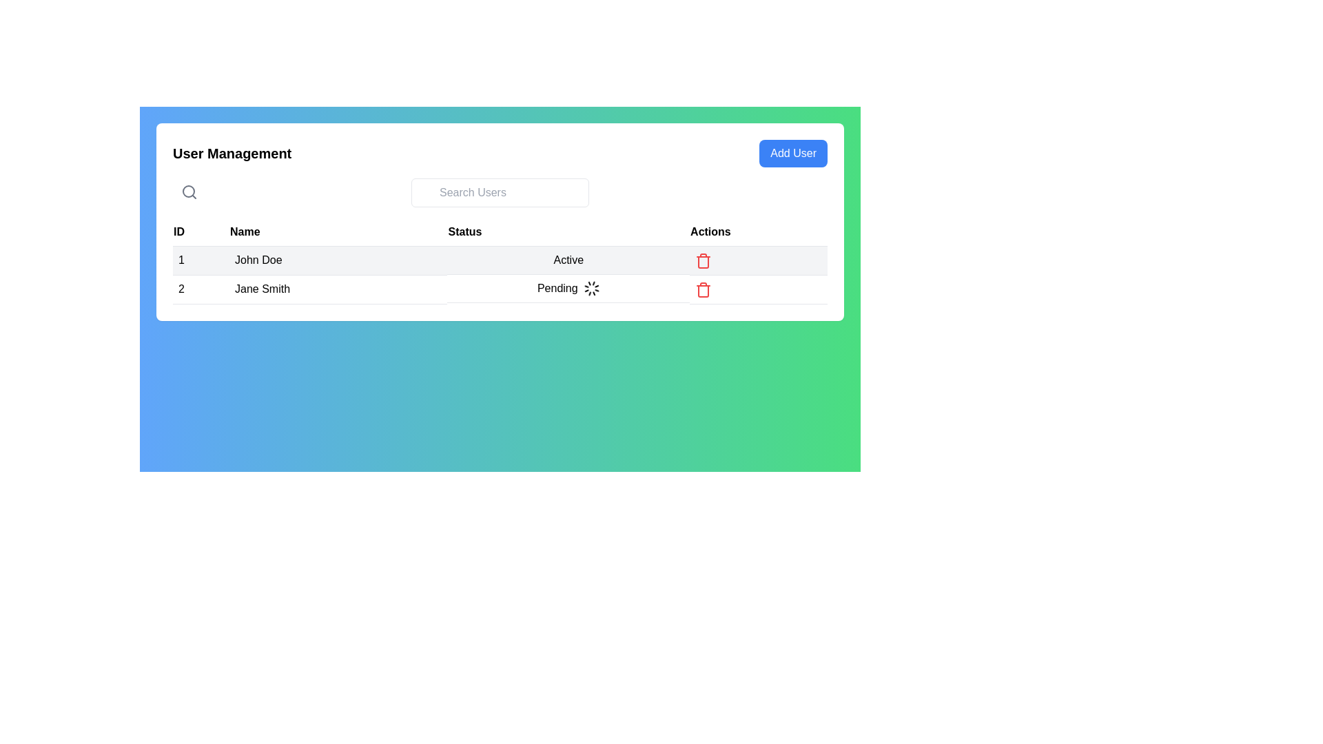 The height and width of the screenshot is (744, 1323). I want to click on the 'User Management' header, which is a bold and large text element located at the top-left of the interface, so click(232, 154).